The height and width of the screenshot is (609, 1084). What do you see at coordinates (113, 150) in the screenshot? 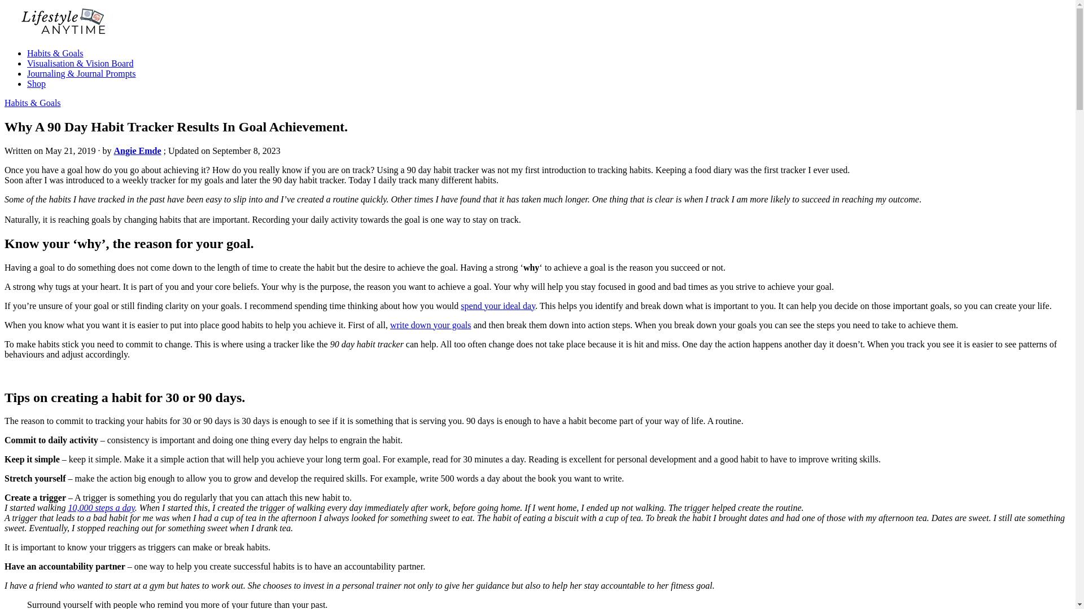
I see `'Angie Emde'` at bounding box center [113, 150].